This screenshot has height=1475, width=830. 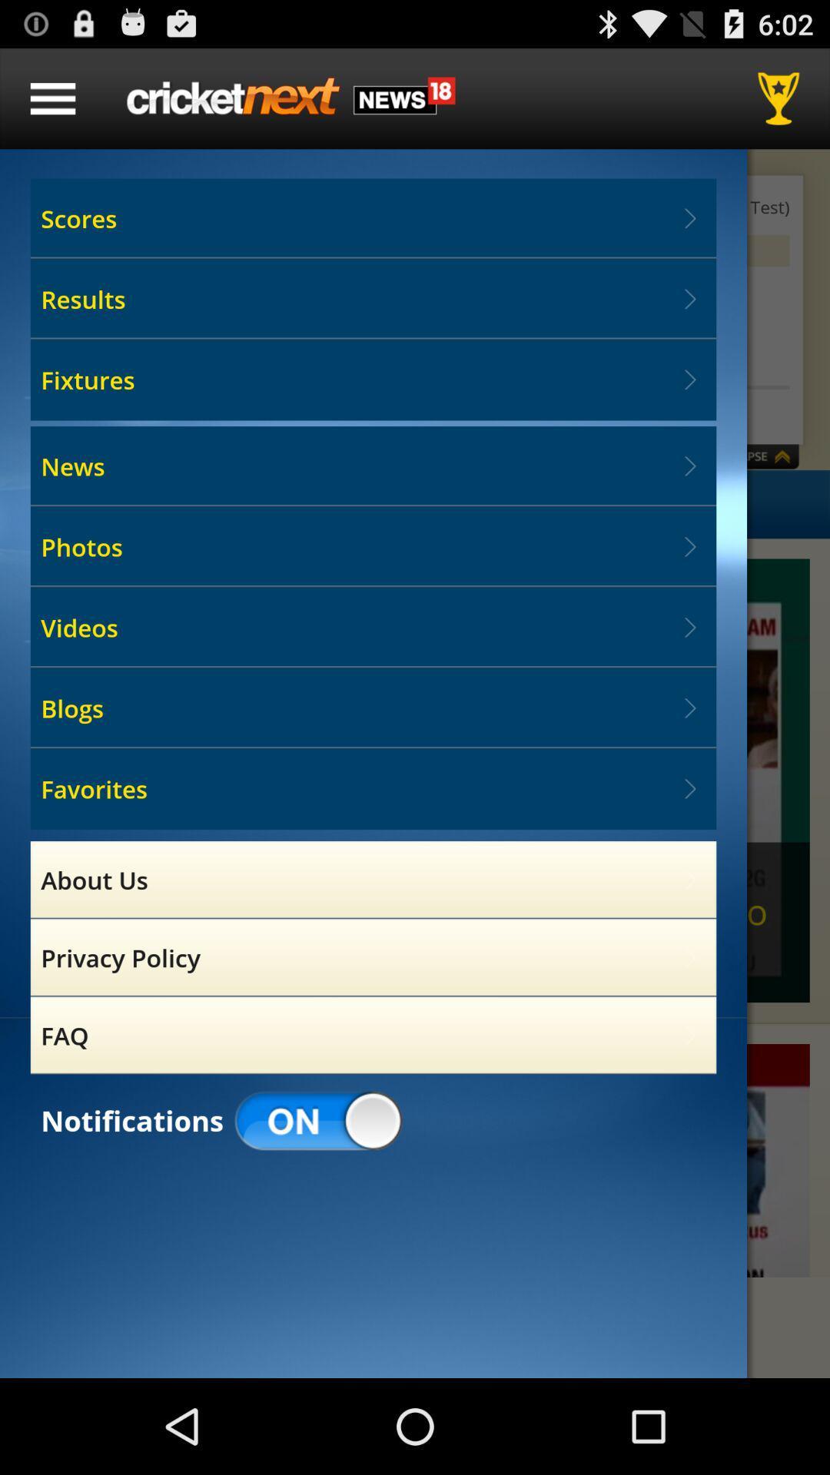 I want to click on the button next to notifications, so click(x=318, y=1121).